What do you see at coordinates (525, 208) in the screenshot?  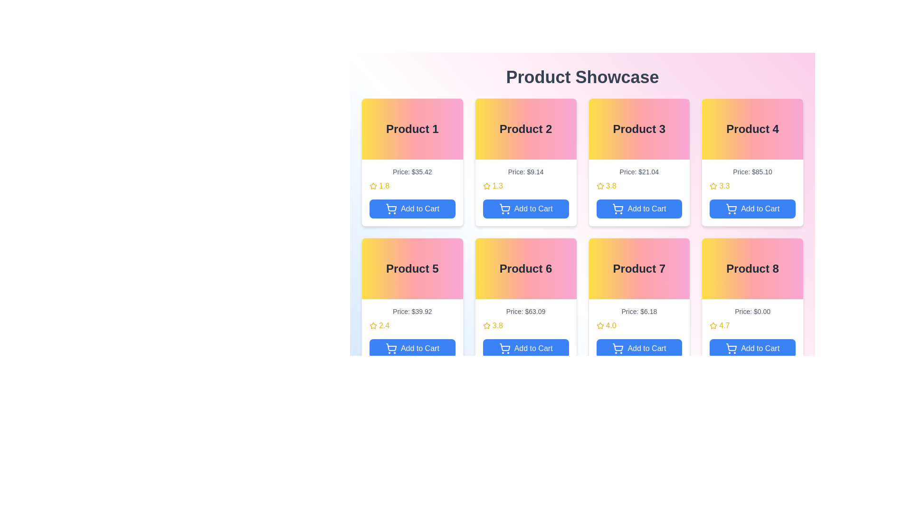 I see `the 'Add to Cart' button, which is a rectangular button with rounded corners and a blue background, located below the price and rating section of 'Product 2'` at bounding box center [525, 208].